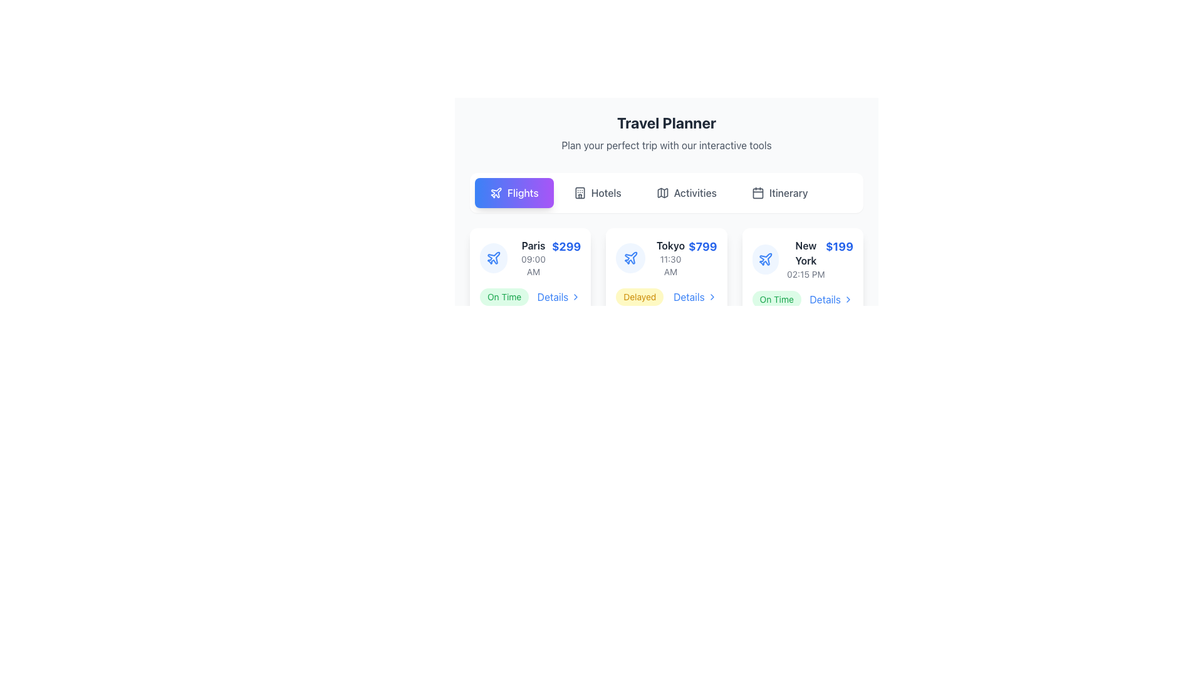 The width and height of the screenshot is (1203, 677). Describe the element at coordinates (806, 274) in the screenshot. I see `the text label displaying '02:15 PM' in light gray font, located in the third card under the 'Flights' section, between 'New York' and 'On Time'` at that location.